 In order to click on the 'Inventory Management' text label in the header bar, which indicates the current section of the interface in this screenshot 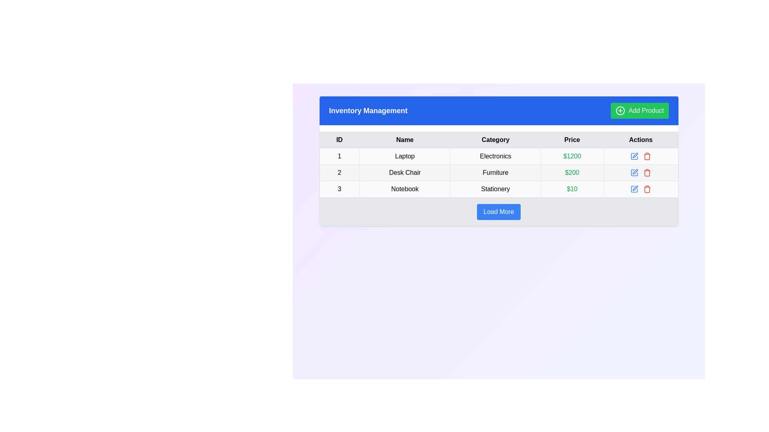, I will do `click(368, 111)`.